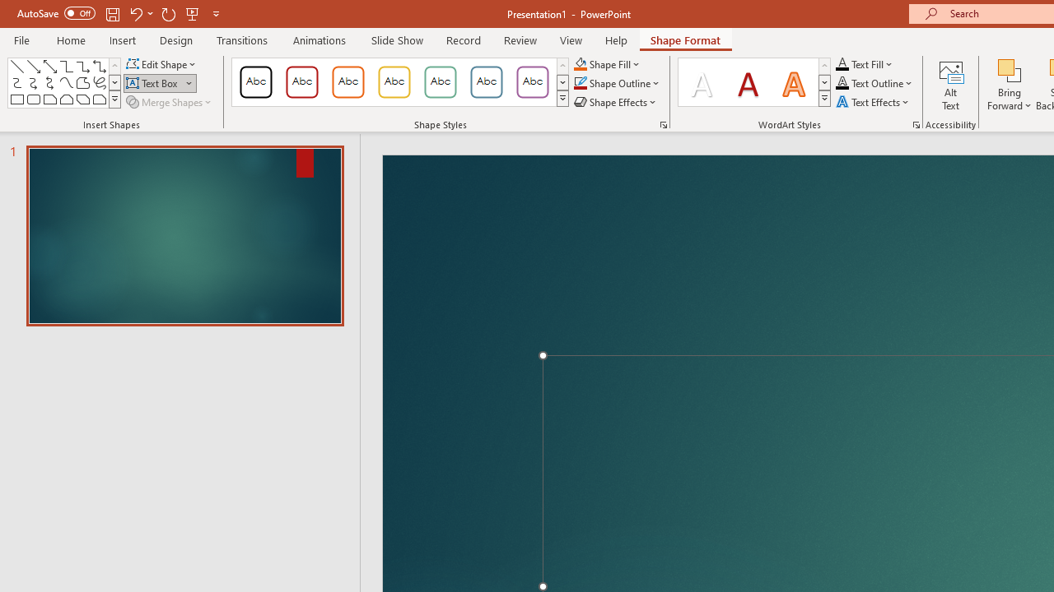 This screenshot has width=1054, height=592. I want to click on 'Line Arrow: Double', so click(49, 66).